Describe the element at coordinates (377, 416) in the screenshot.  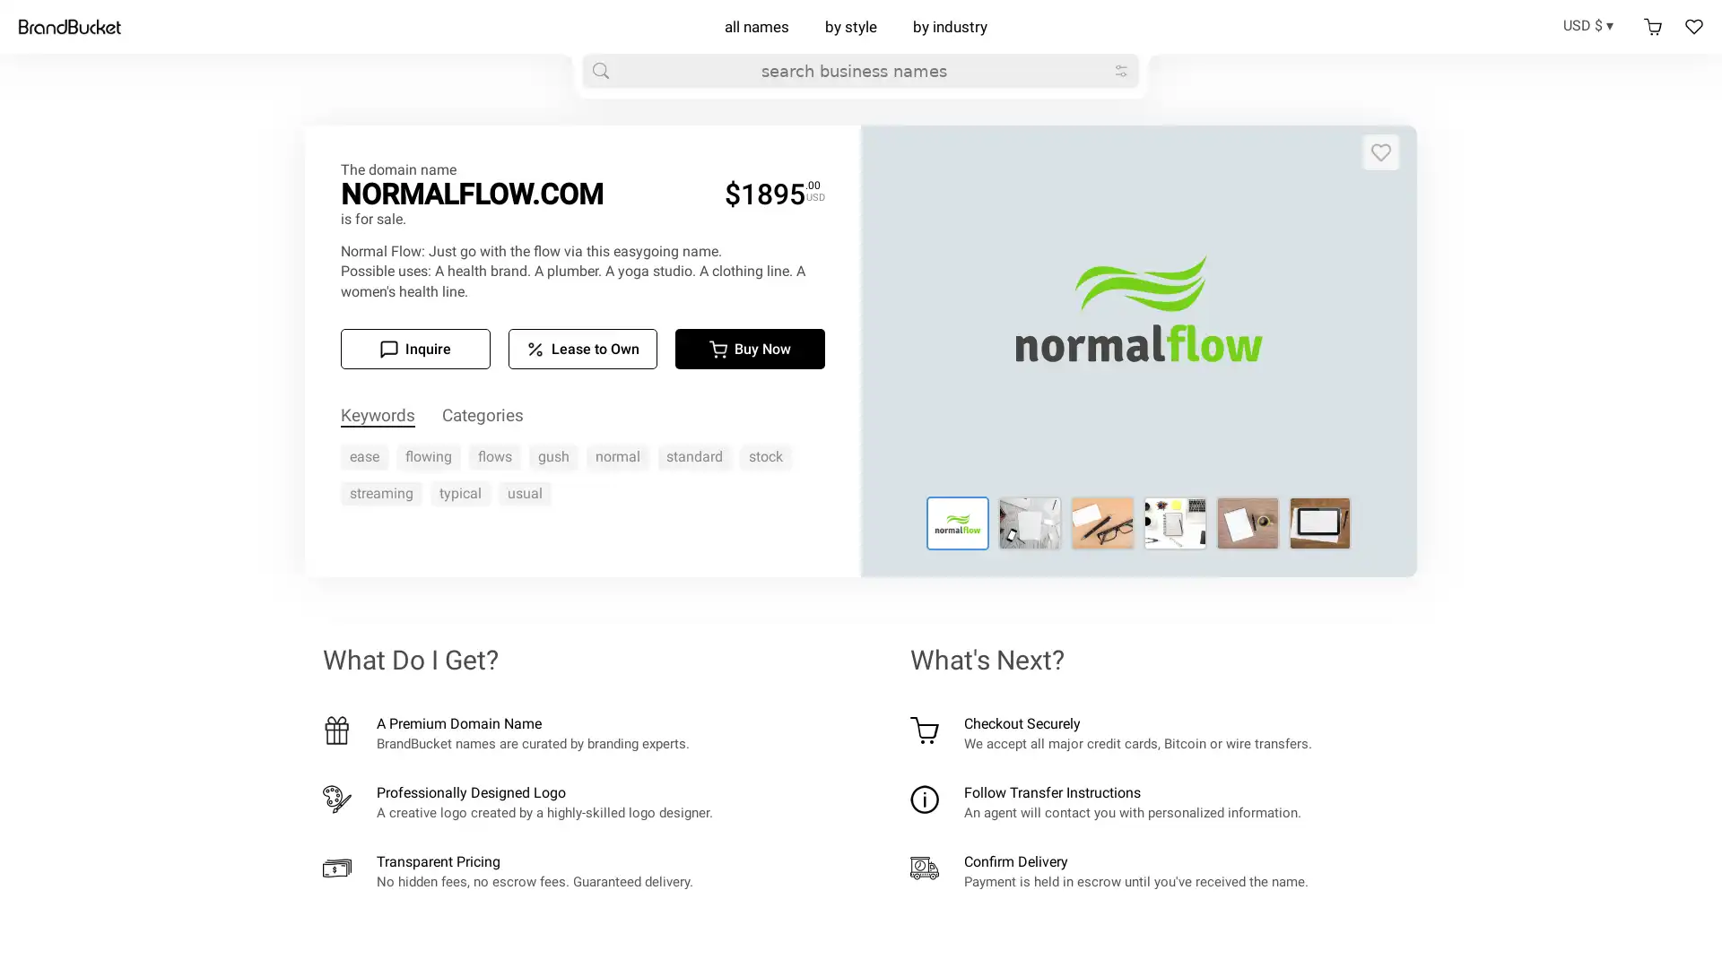
I see `Keywords` at that location.